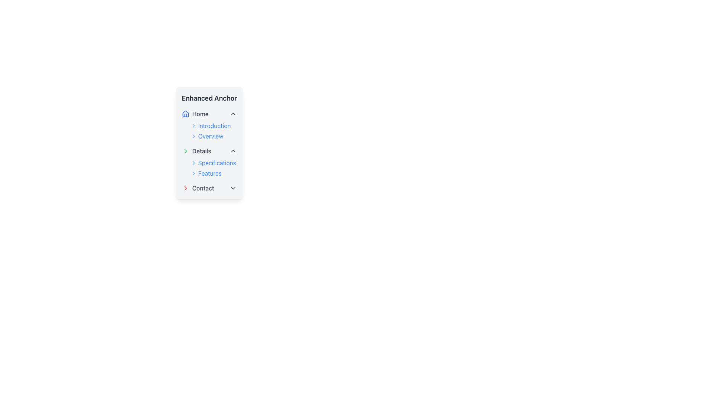  I want to click on the link that navigates to the 'Features' section, which is the second entry under 'Specifications' in the vertical list under 'Details.', so click(214, 173).